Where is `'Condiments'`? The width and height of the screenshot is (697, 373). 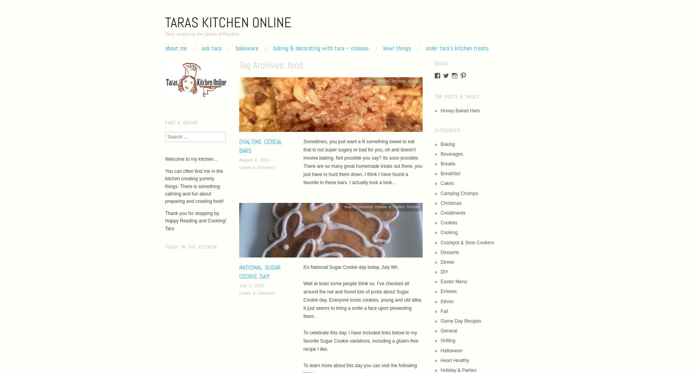 'Condiments' is located at coordinates (453, 212).